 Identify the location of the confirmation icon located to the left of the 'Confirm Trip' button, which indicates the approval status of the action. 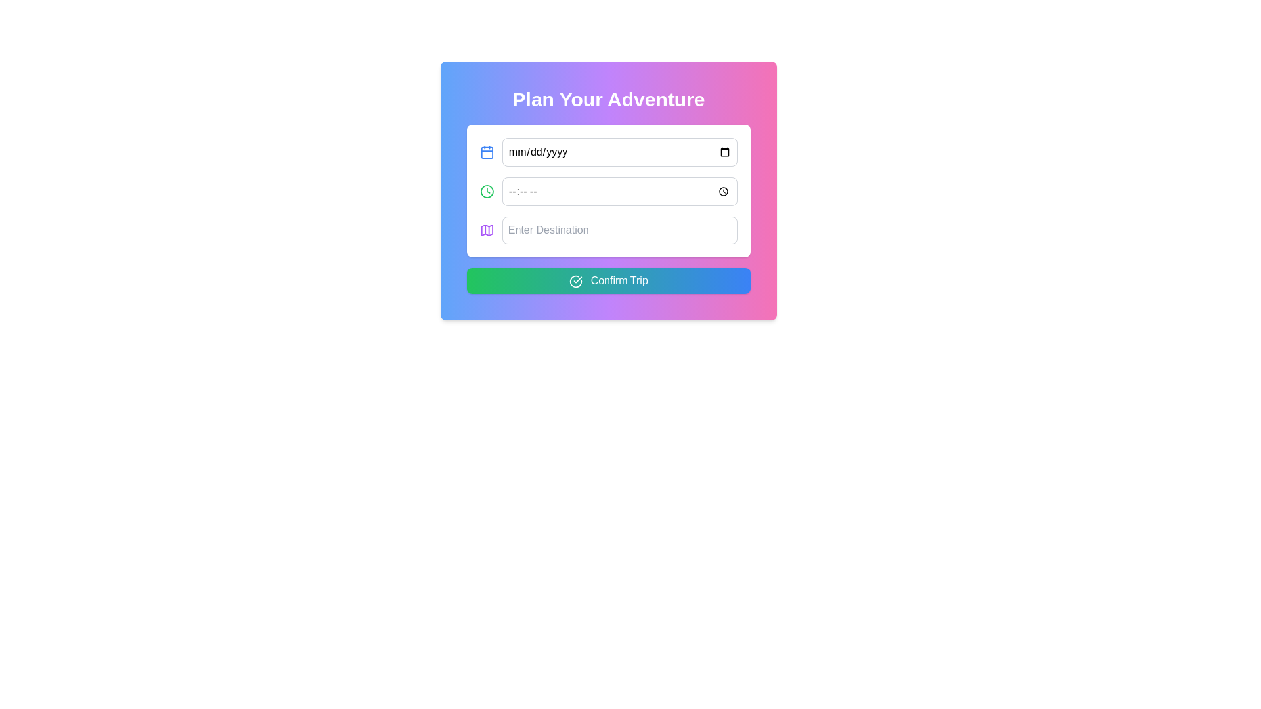
(576, 280).